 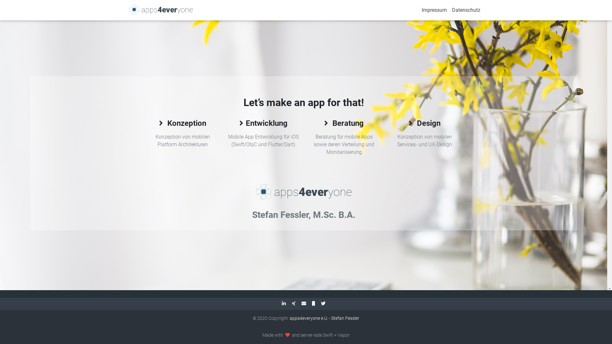 I want to click on 'Impressum', so click(x=434, y=10).